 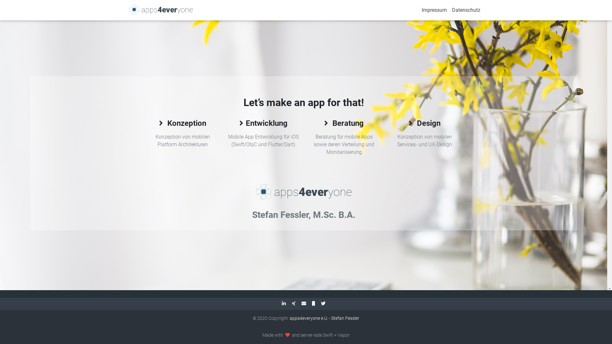 I want to click on 'Impressum', so click(x=434, y=10).